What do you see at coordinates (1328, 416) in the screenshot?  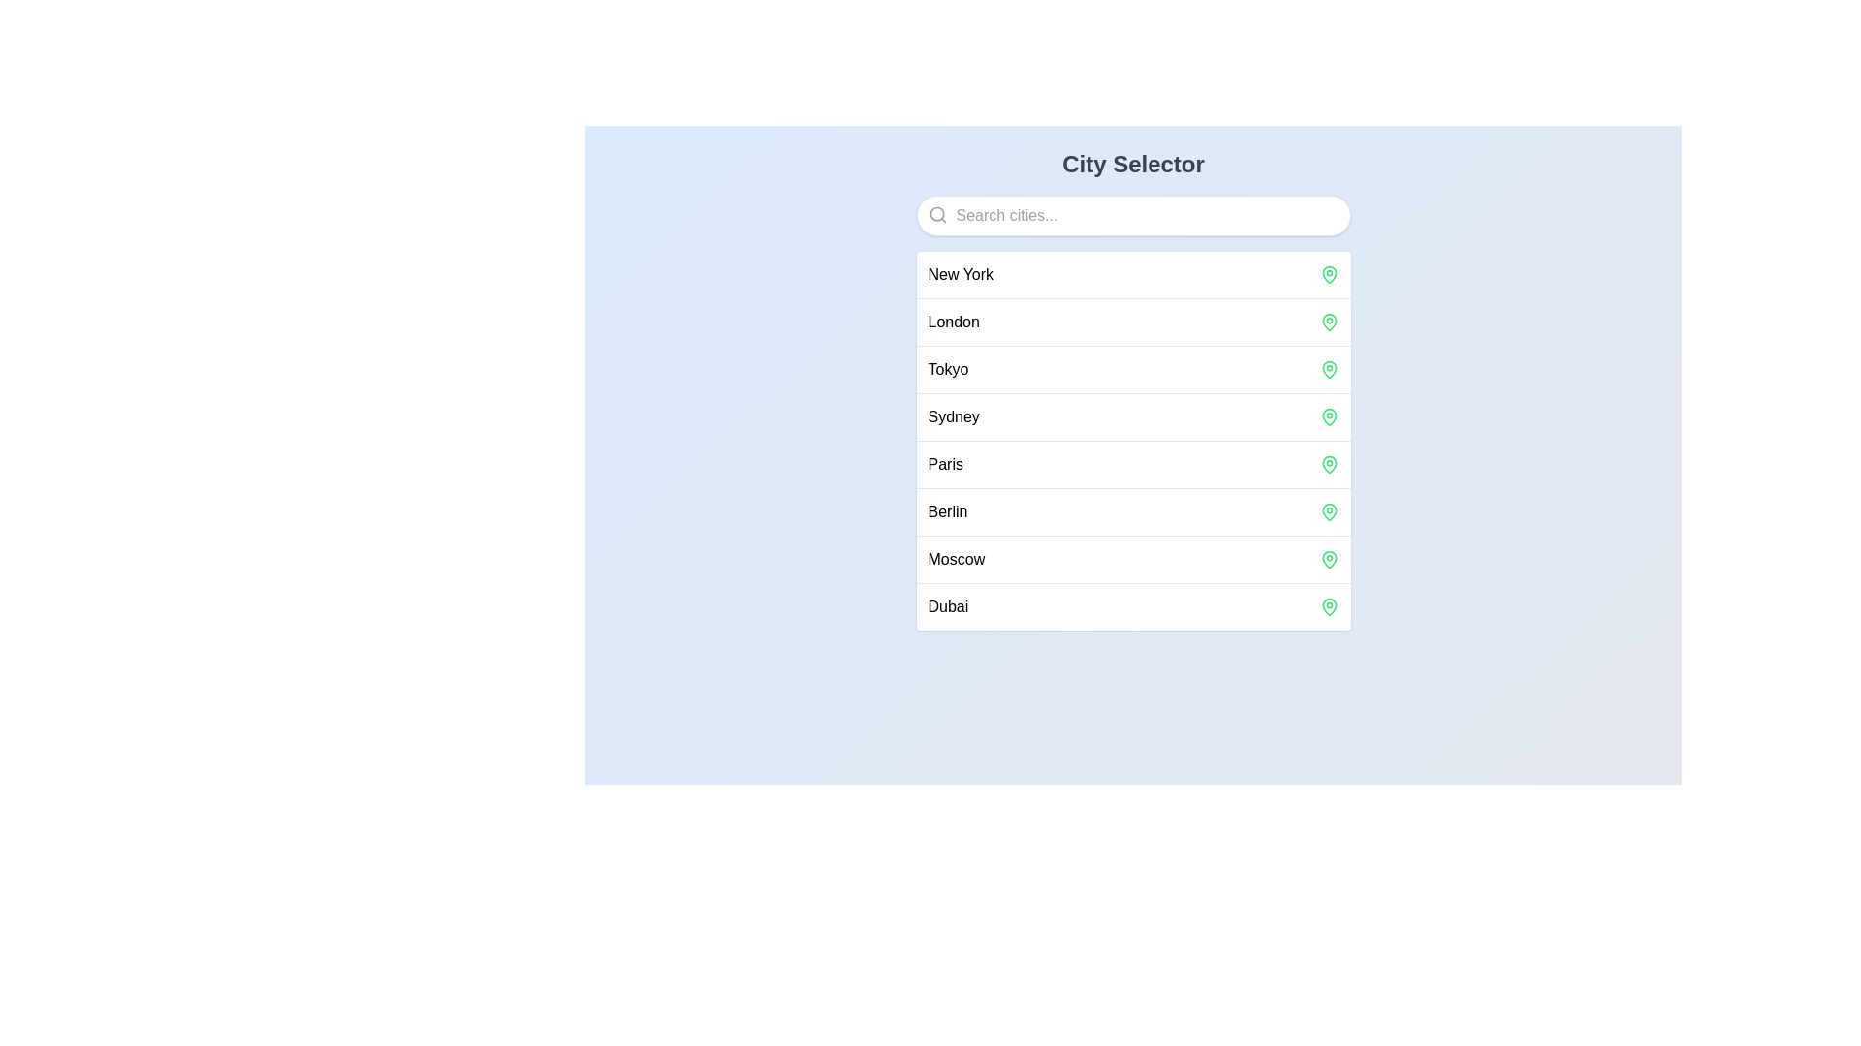 I see `the green outline of the map pin icon located beside the text 'Sydney' in the fourth row of the city list` at bounding box center [1328, 416].